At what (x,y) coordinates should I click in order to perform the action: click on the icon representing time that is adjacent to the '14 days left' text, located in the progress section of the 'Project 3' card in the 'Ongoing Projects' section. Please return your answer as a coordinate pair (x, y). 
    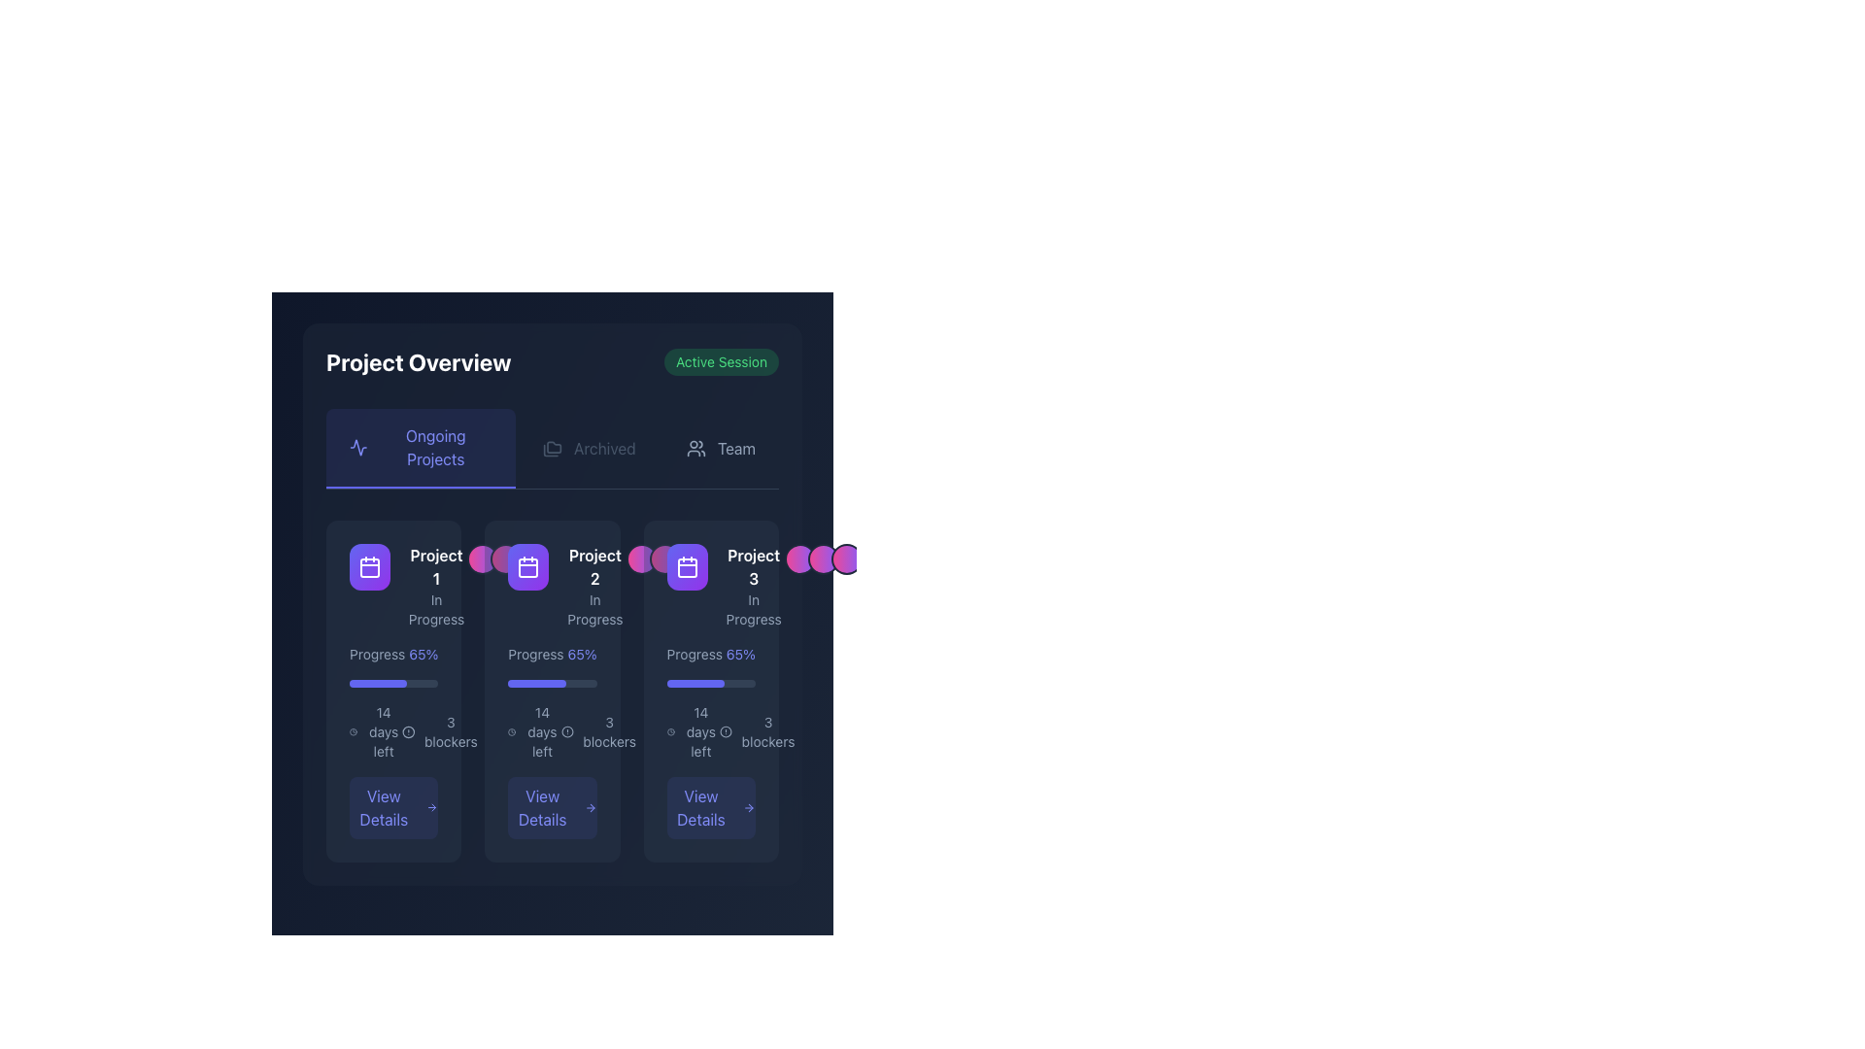
    Looking at the image, I should click on (670, 731).